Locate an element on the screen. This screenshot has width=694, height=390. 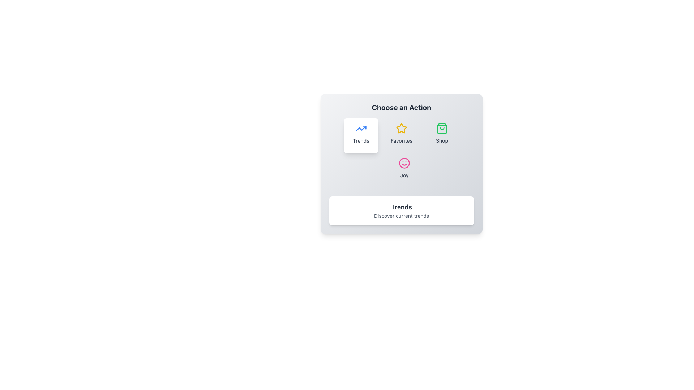
the round pink smiley face icon labeled 'Joy' is located at coordinates (404, 163).